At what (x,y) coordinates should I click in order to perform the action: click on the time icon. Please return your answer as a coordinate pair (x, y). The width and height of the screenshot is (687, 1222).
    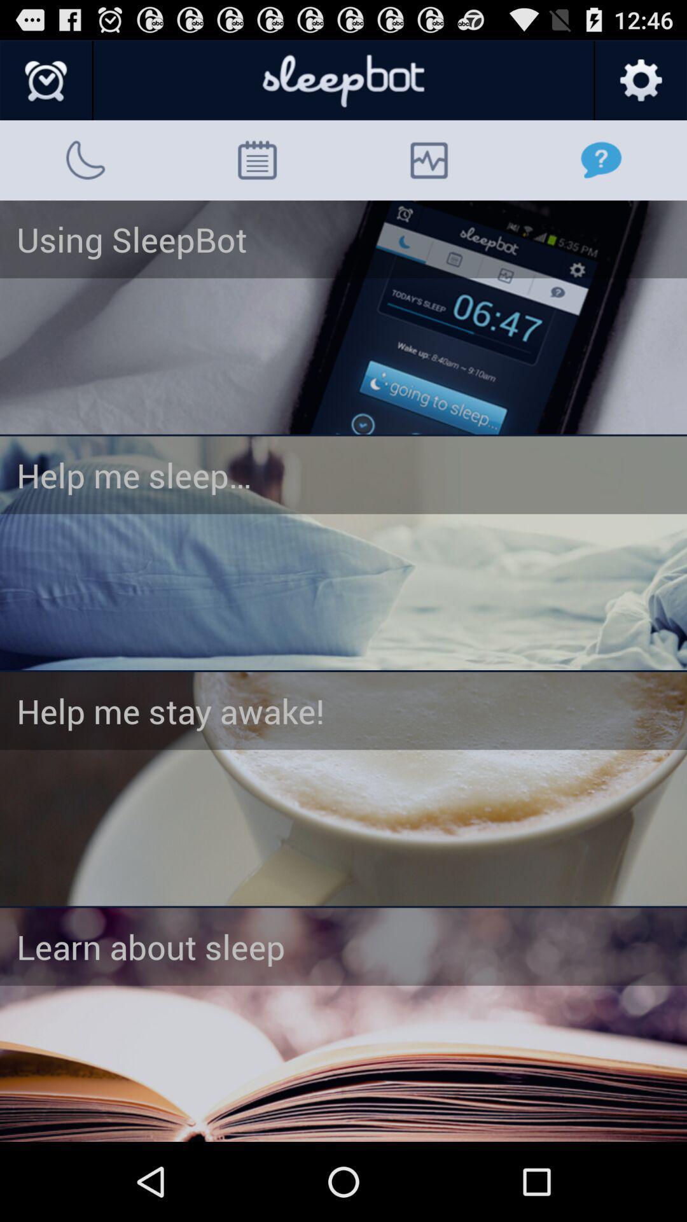
    Looking at the image, I should click on (46, 86).